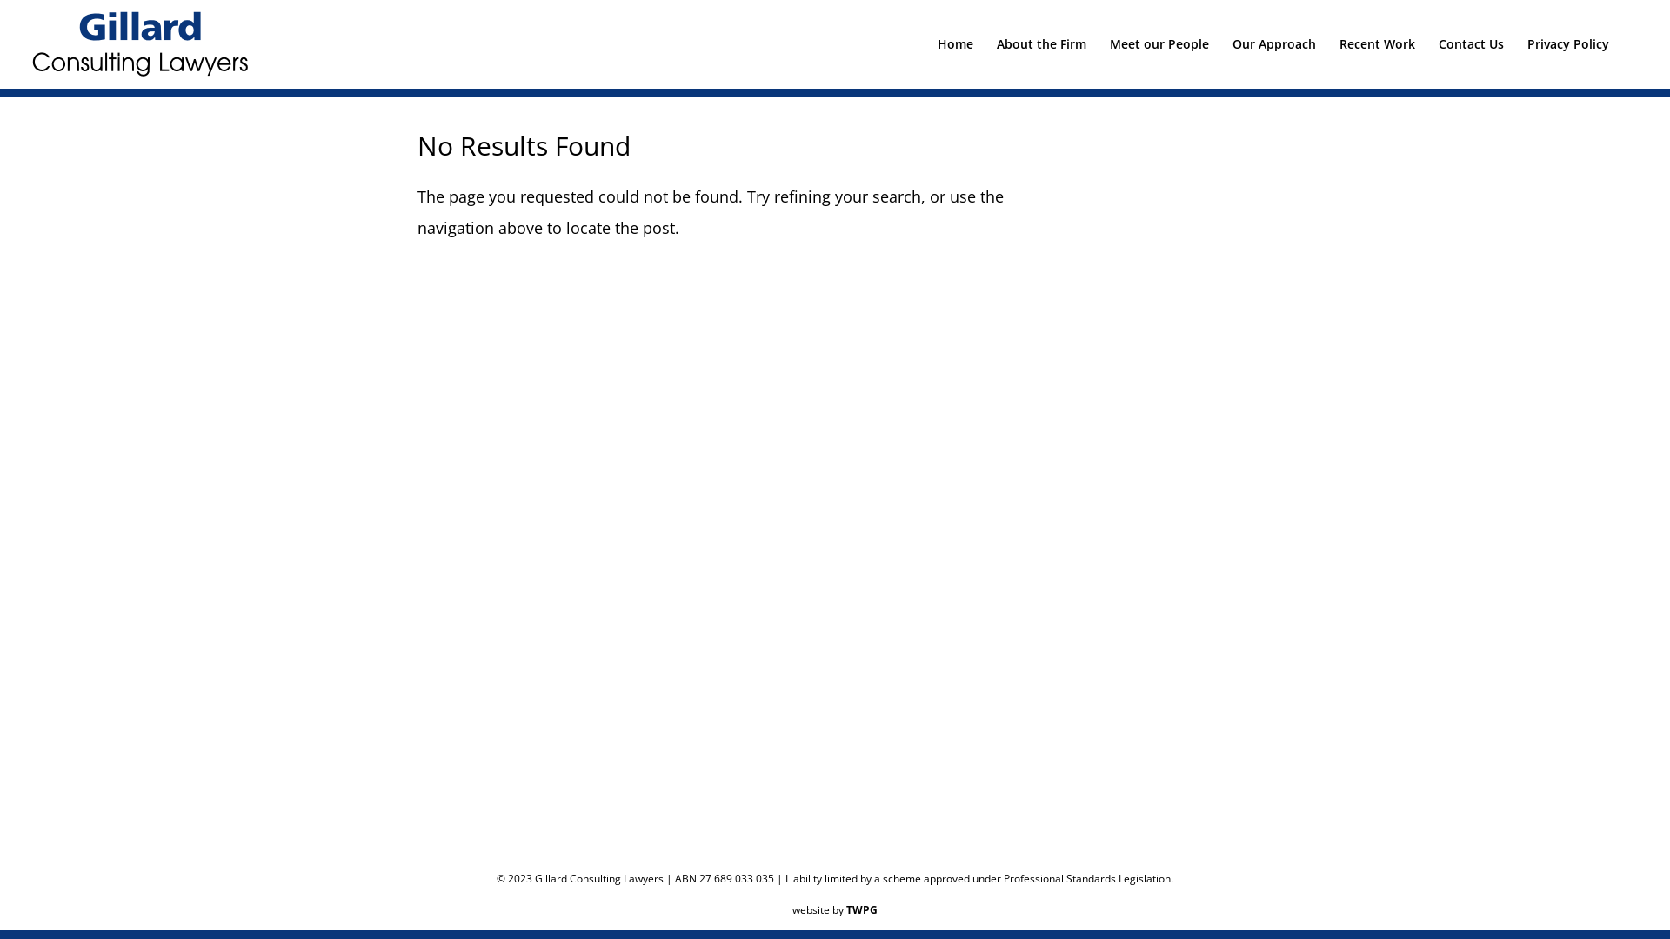 The image size is (1670, 939). Describe the element at coordinates (1376, 57) in the screenshot. I see `'Recent Work'` at that location.